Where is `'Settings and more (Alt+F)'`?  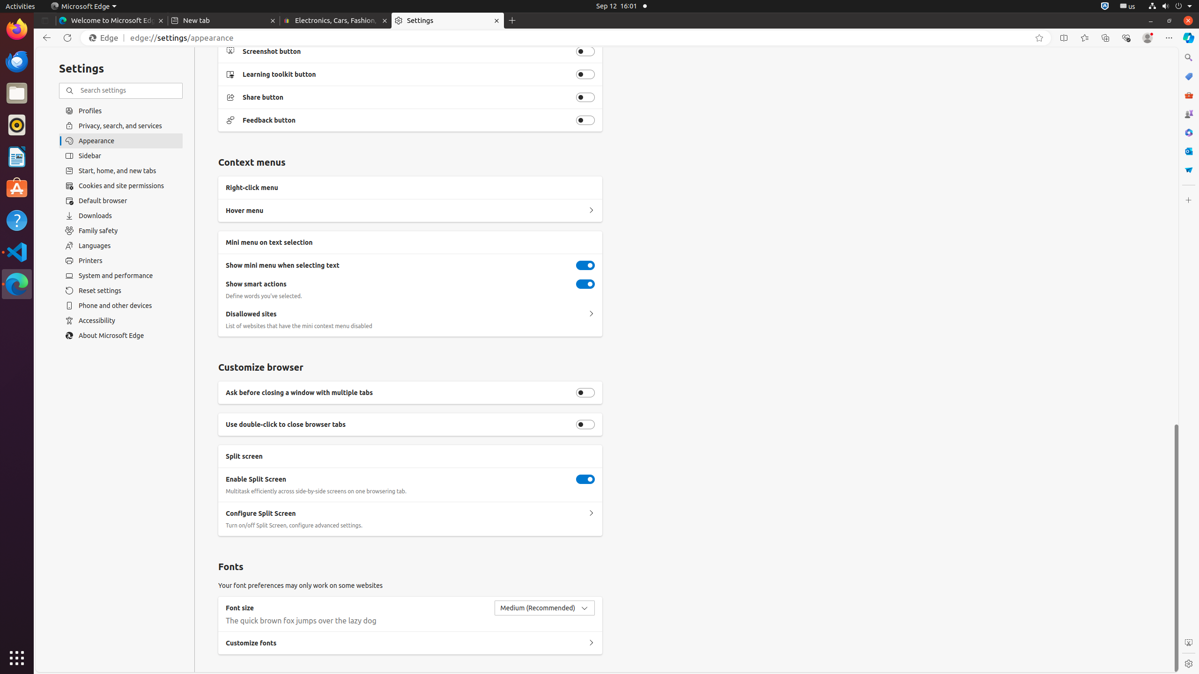 'Settings and more (Alt+F)' is located at coordinates (1169, 37).